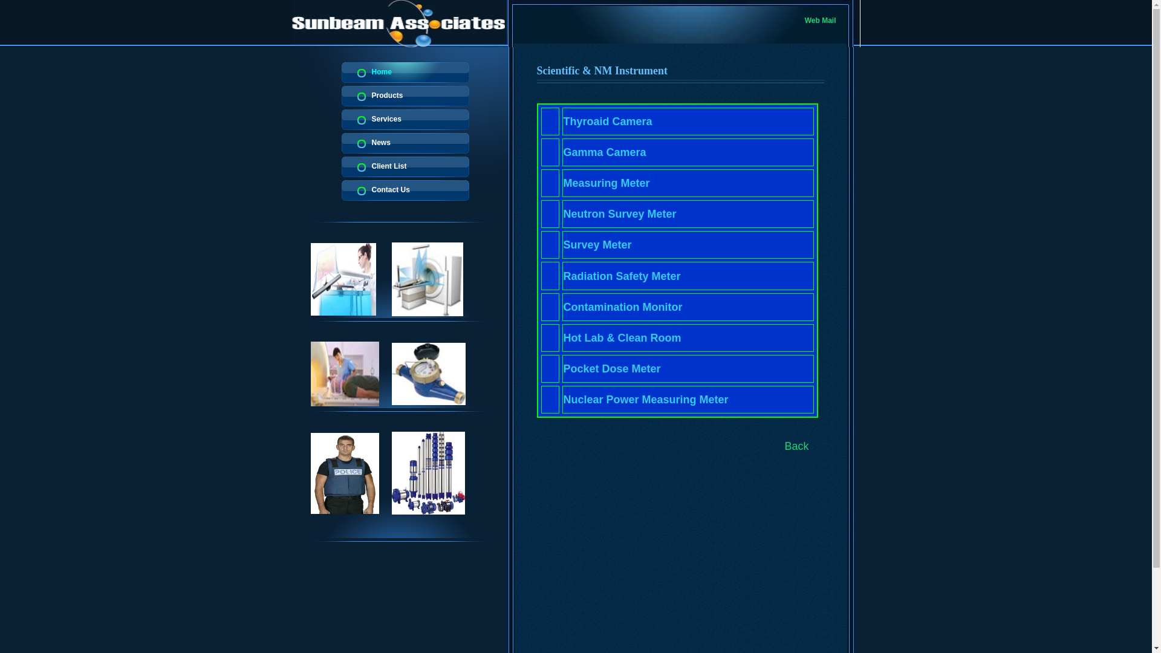  What do you see at coordinates (405, 95) in the screenshot?
I see `'Products'` at bounding box center [405, 95].